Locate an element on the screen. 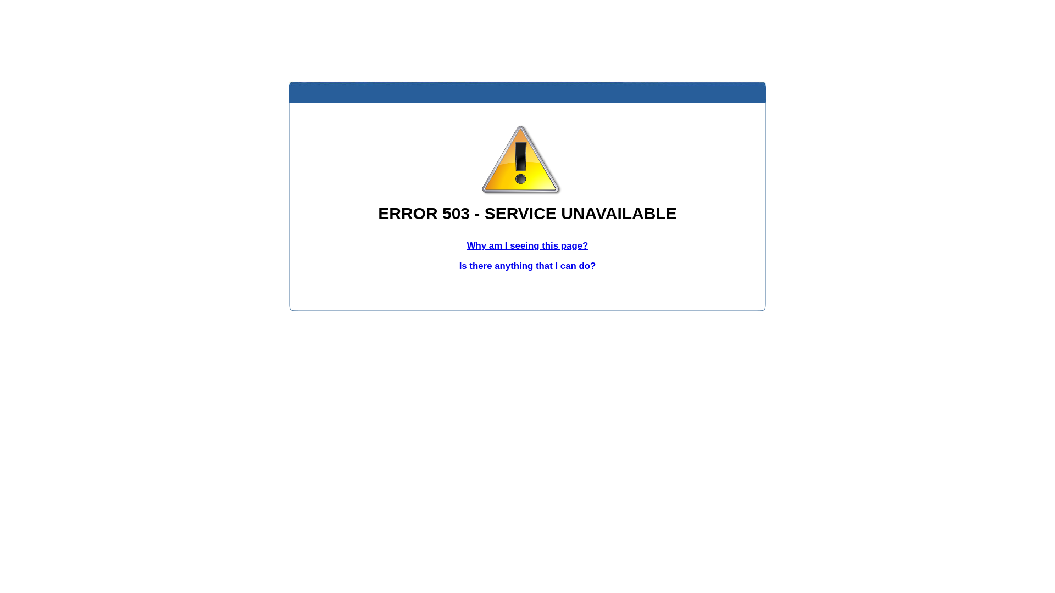 This screenshot has width=1055, height=593. 'Is there anything that I can do?' is located at coordinates (527, 266).